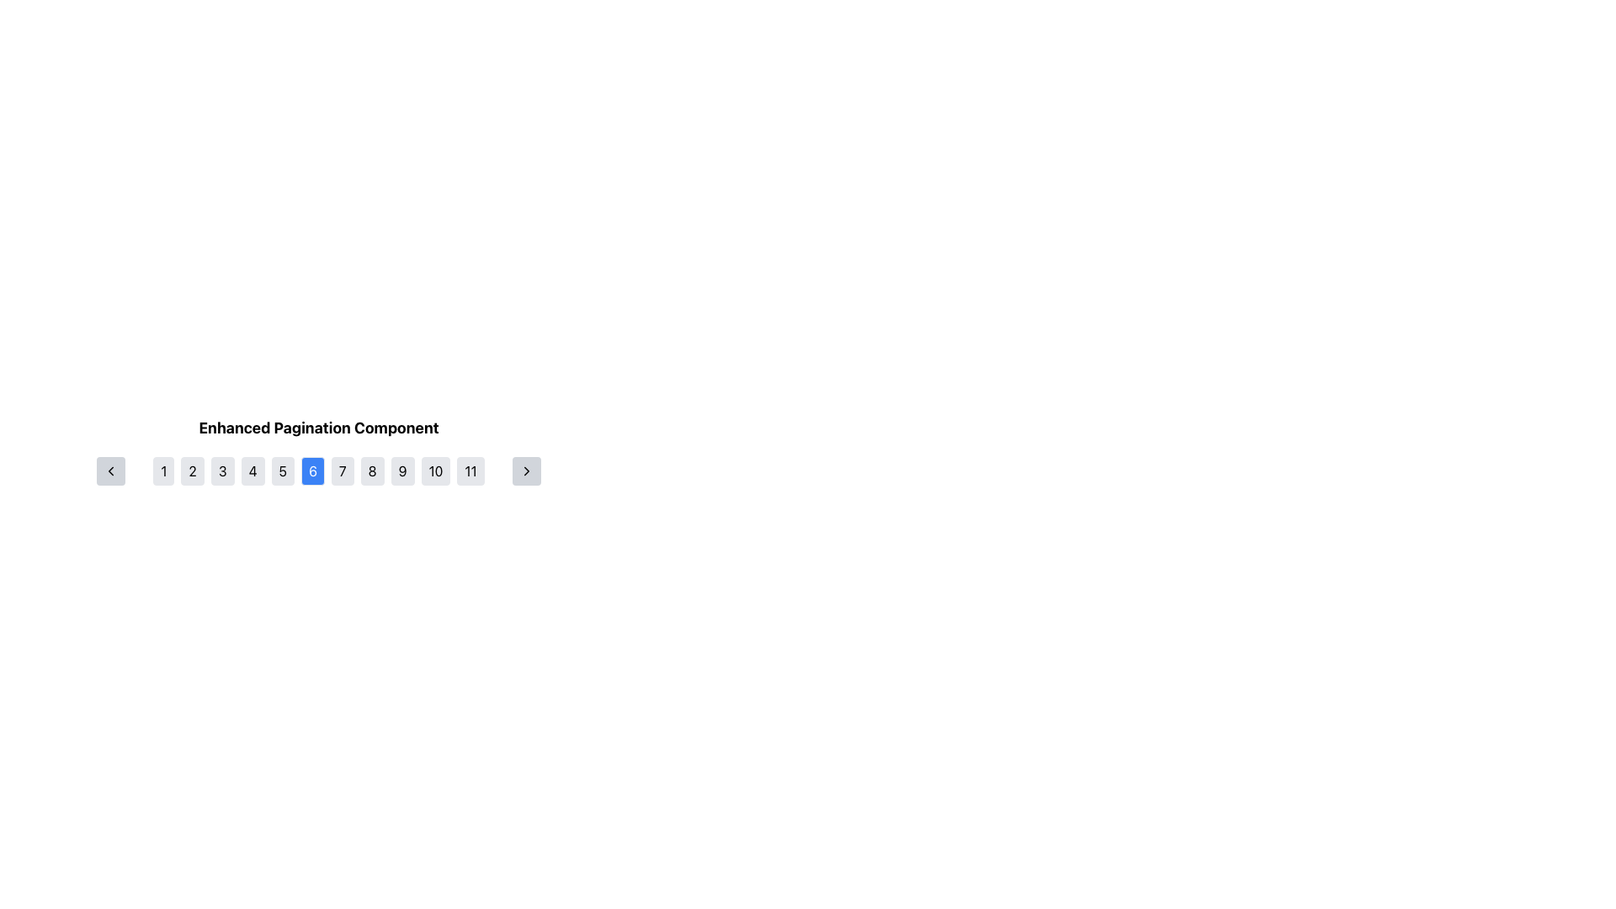 The image size is (1616, 909). I want to click on the rightward pointing chevron icon button in the pagination control bar, so click(525, 470).